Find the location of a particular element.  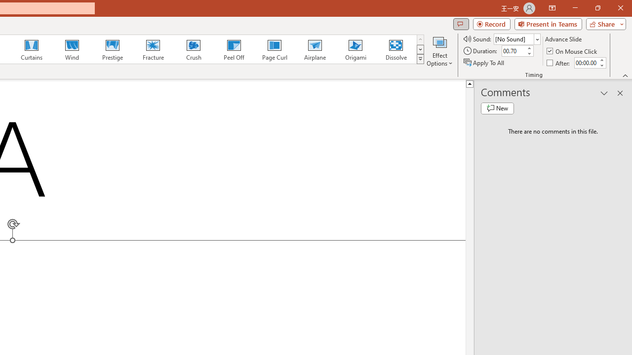

'Effect Options' is located at coordinates (439, 51).